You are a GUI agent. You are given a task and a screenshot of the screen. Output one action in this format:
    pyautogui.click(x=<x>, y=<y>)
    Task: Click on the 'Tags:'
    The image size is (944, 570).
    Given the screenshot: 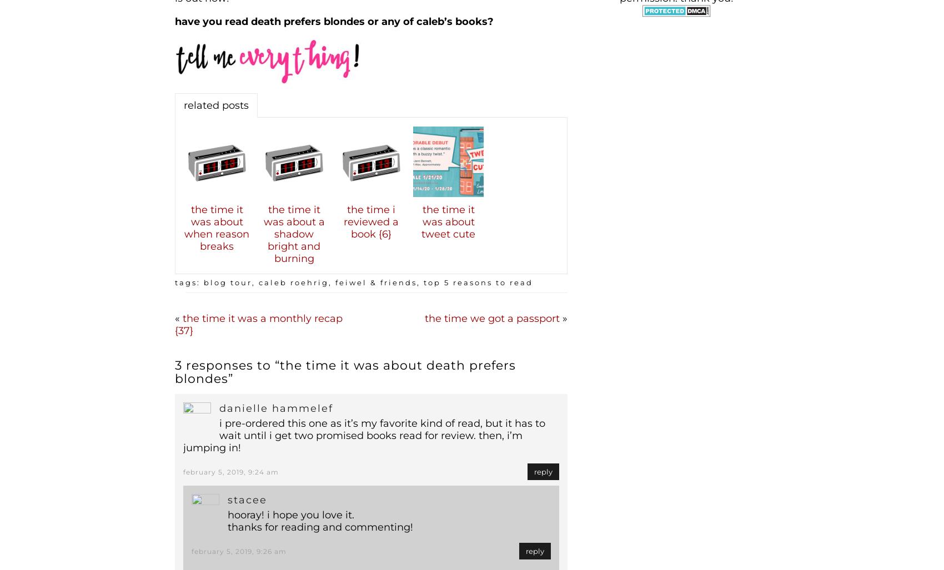 What is the action you would take?
    pyautogui.click(x=175, y=281)
    